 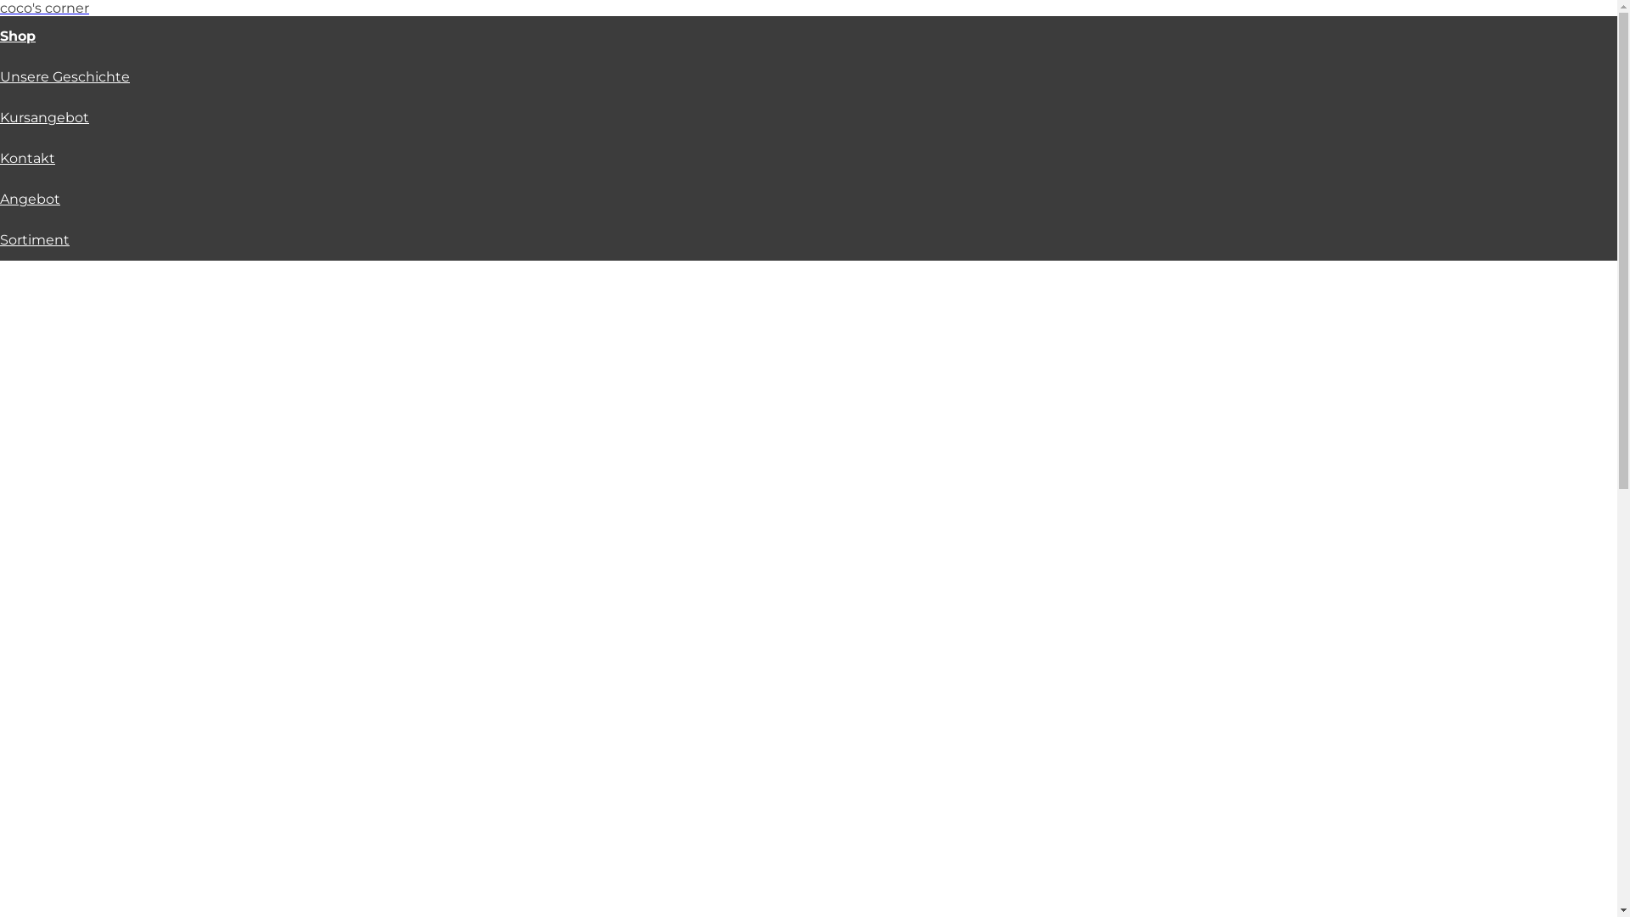 I want to click on 'Kursangebot', so click(x=0, y=116).